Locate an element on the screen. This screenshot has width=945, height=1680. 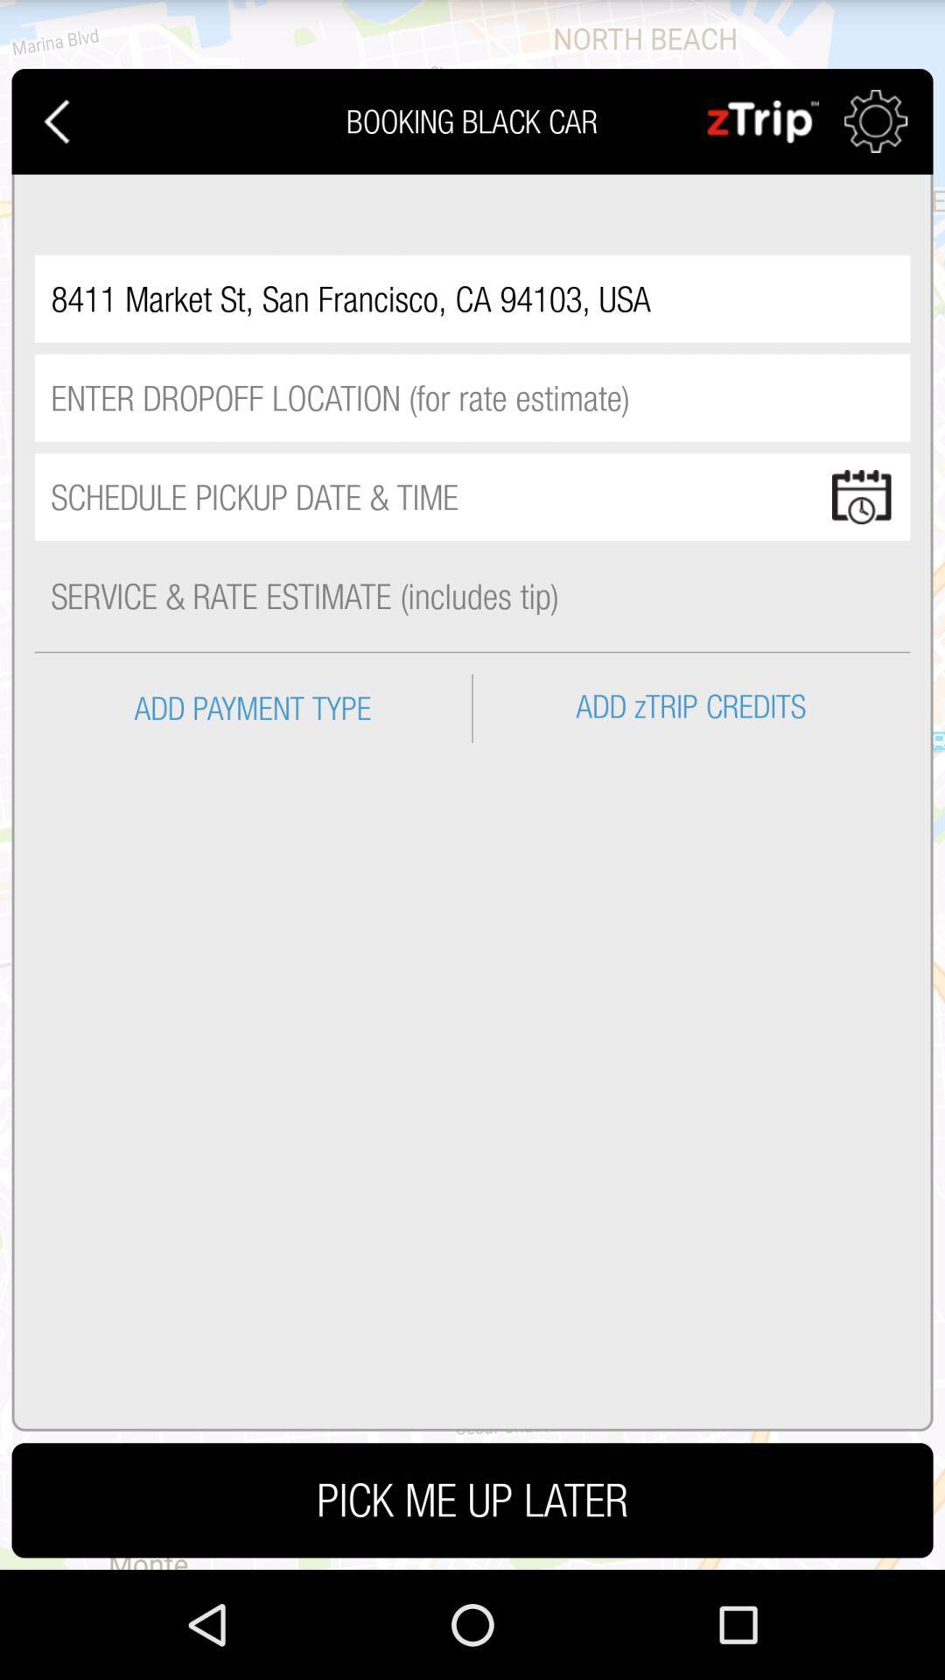
the settings icon is located at coordinates (876, 129).